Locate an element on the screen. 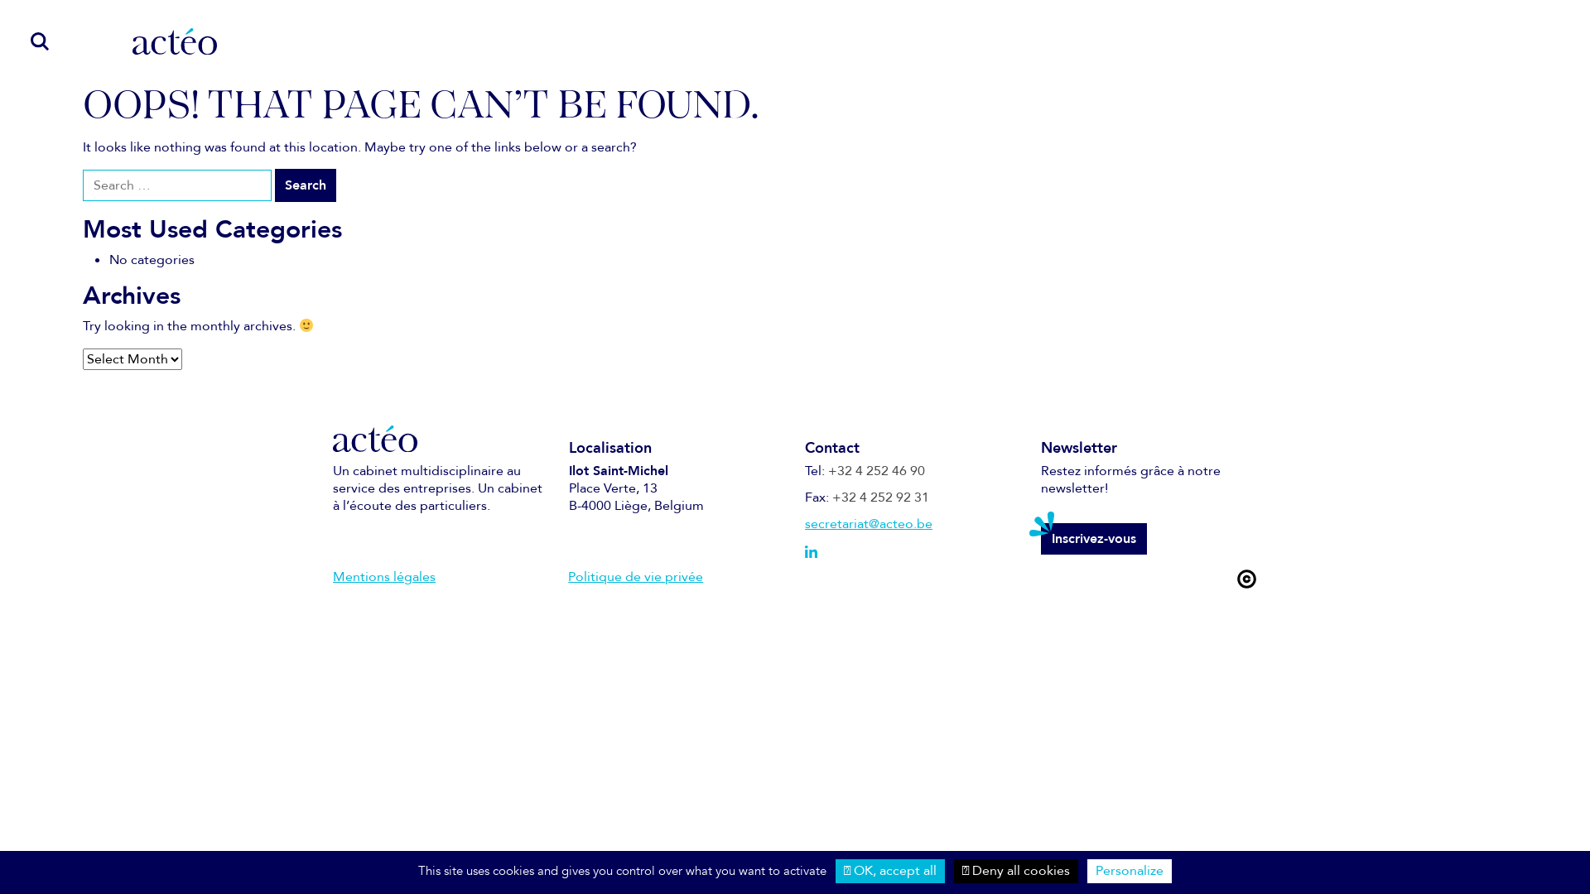 The image size is (1590, 894). 'Acteo' is located at coordinates (131, 41).